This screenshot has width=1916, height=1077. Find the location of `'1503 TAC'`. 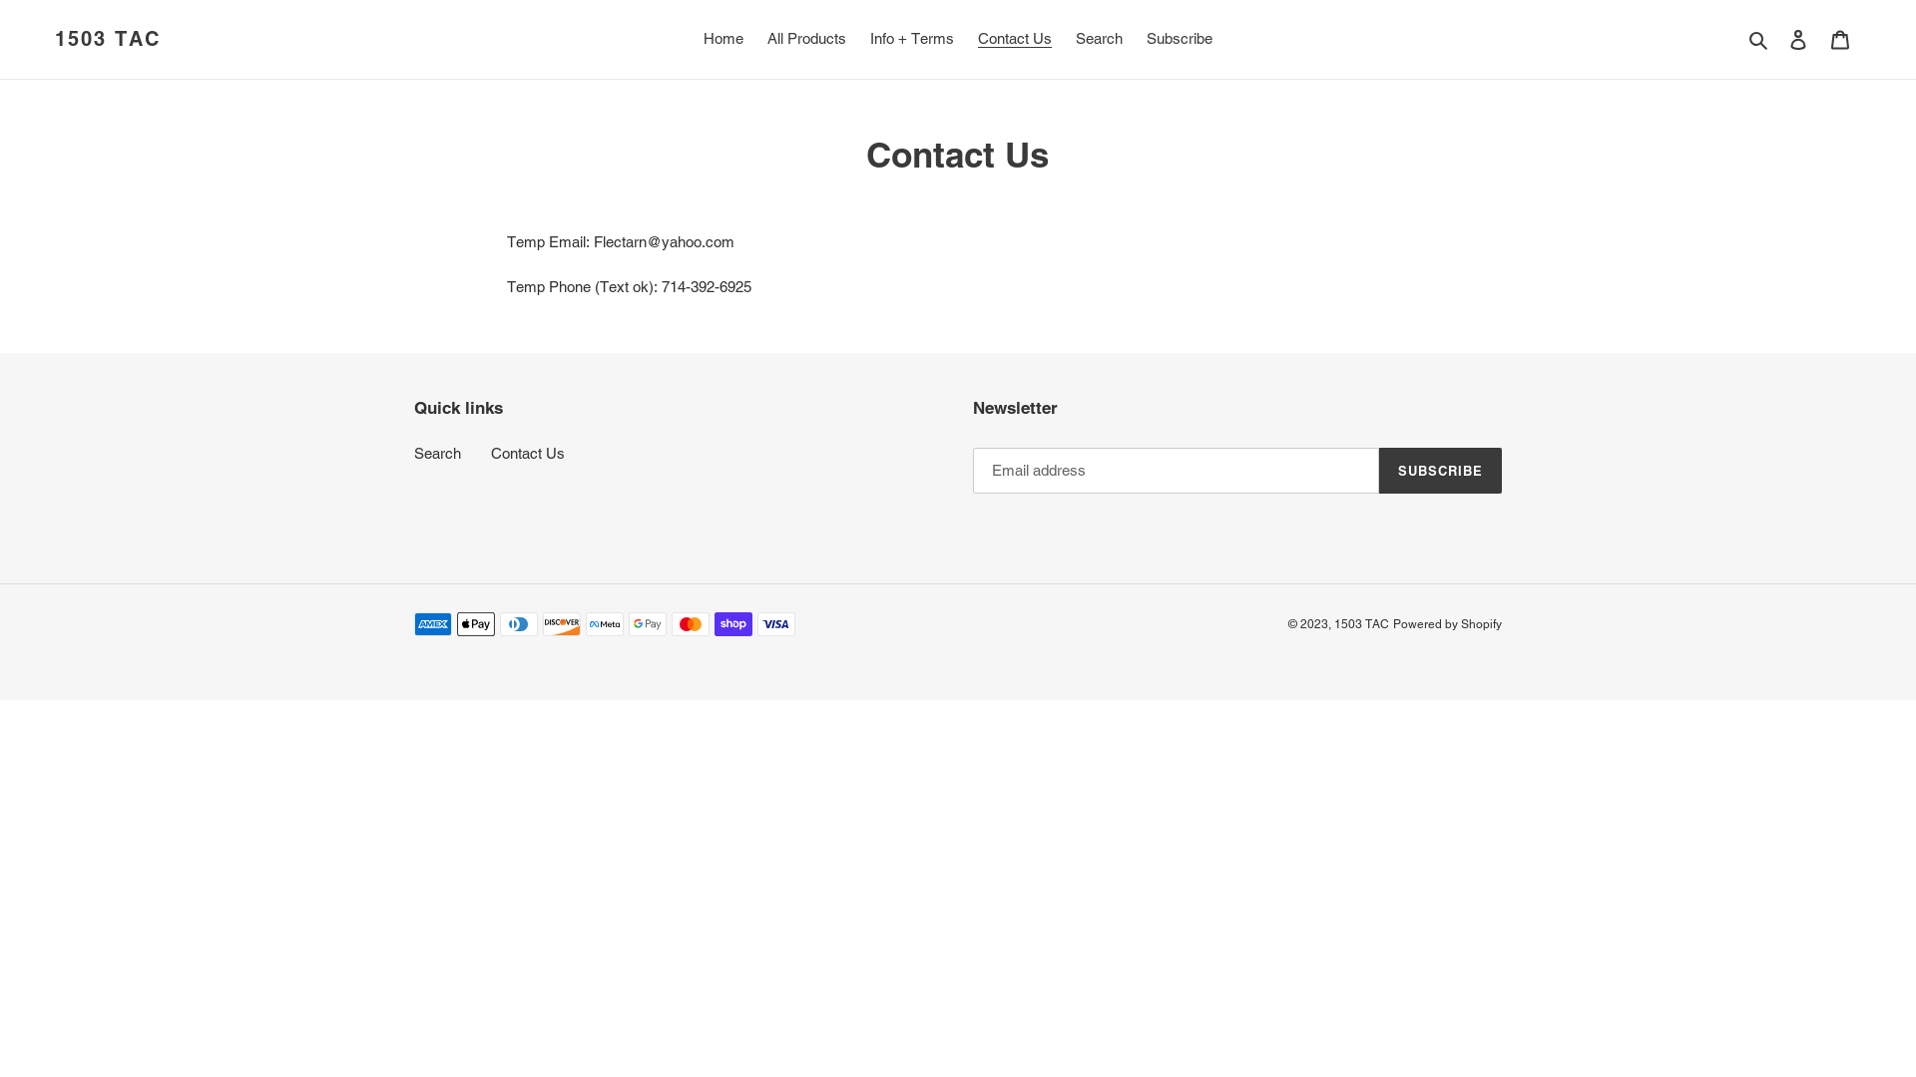

'1503 TAC' is located at coordinates (106, 38).